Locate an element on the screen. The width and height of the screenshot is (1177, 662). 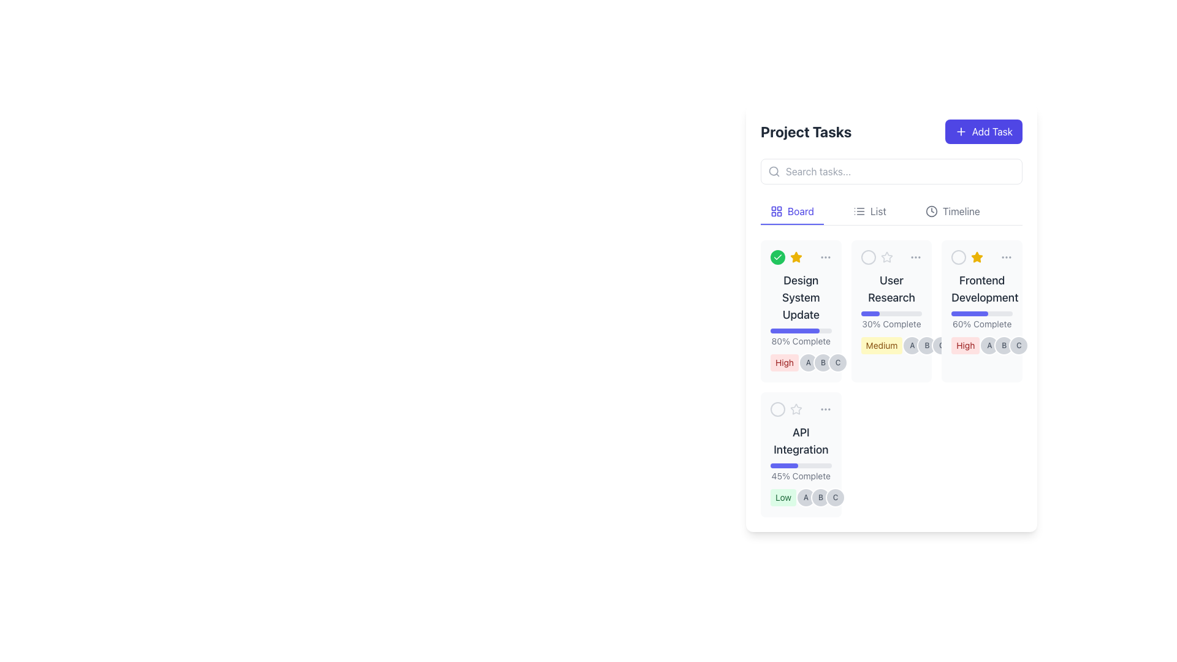
the progress is located at coordinates (1000, 313).